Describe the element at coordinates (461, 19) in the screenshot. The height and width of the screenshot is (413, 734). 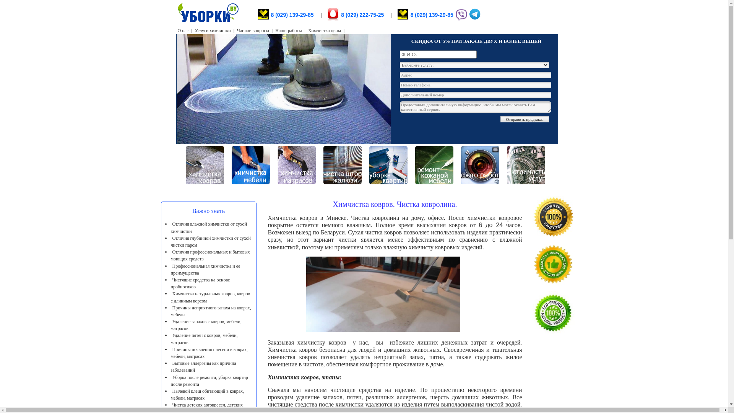
I see `'Viber'` at that location.